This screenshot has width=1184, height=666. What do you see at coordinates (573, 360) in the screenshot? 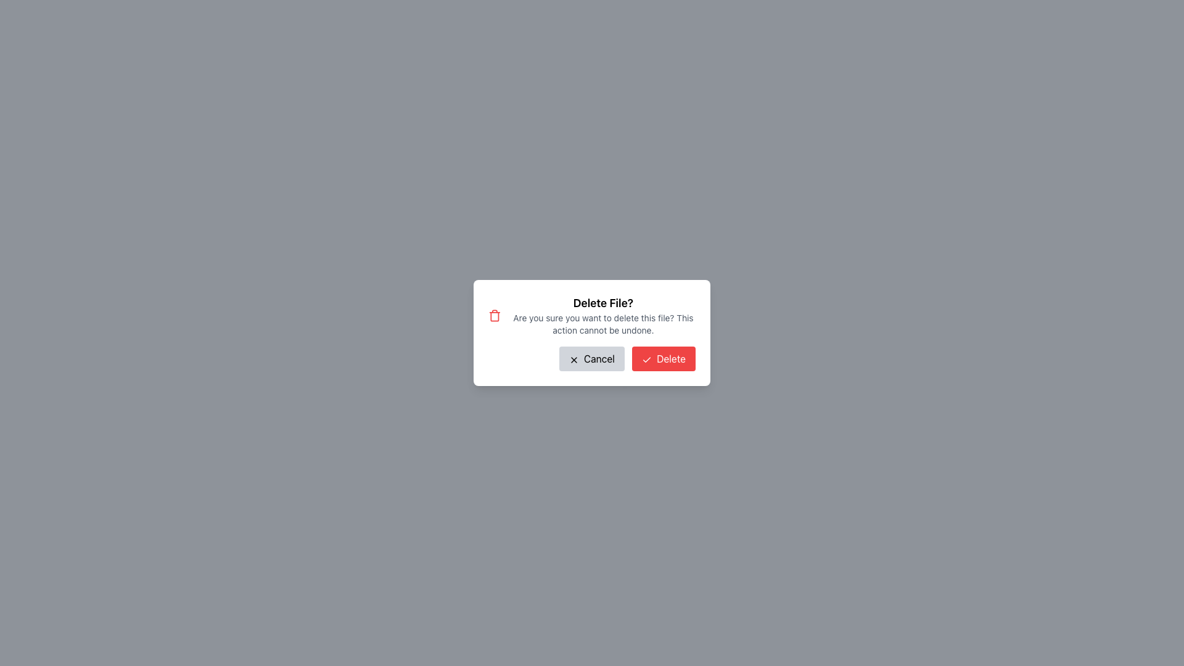
I see `the small black cross icon located within the 'Cancel' button, positioned to the left of the 'Cancel' text` at bounding box center [573, 360].